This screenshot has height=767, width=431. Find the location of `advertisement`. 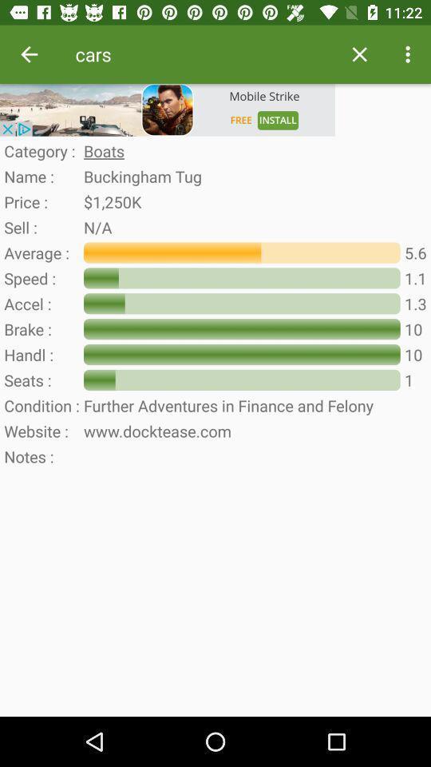

advertisement is located at coordinates (167, 109).